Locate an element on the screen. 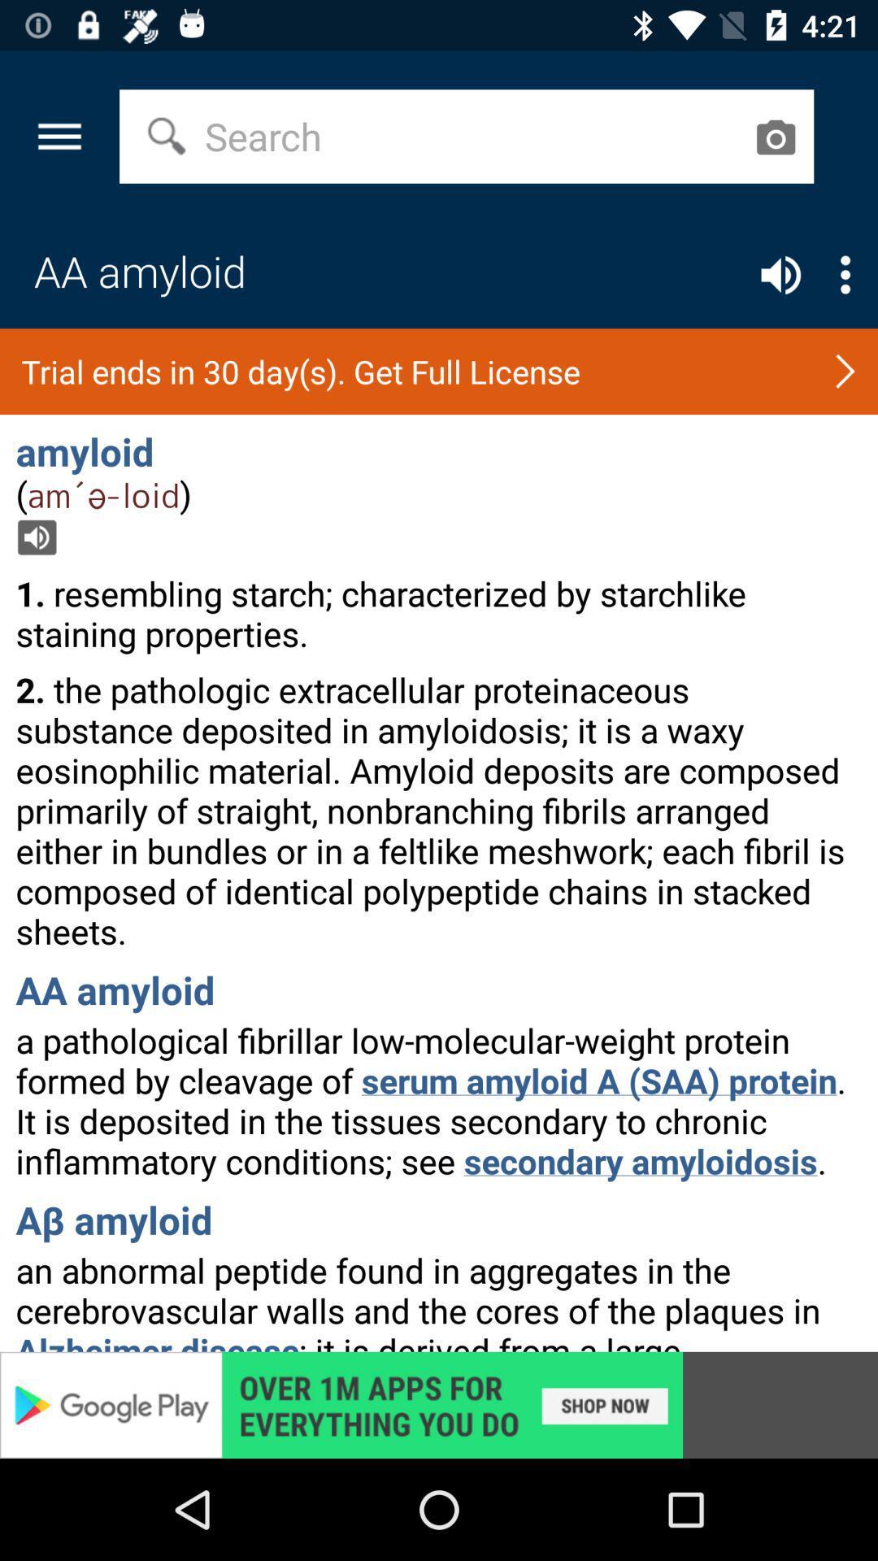 This screenshot has width=878, height=1561. sound pronunciation is located at coordinates (780, 275).